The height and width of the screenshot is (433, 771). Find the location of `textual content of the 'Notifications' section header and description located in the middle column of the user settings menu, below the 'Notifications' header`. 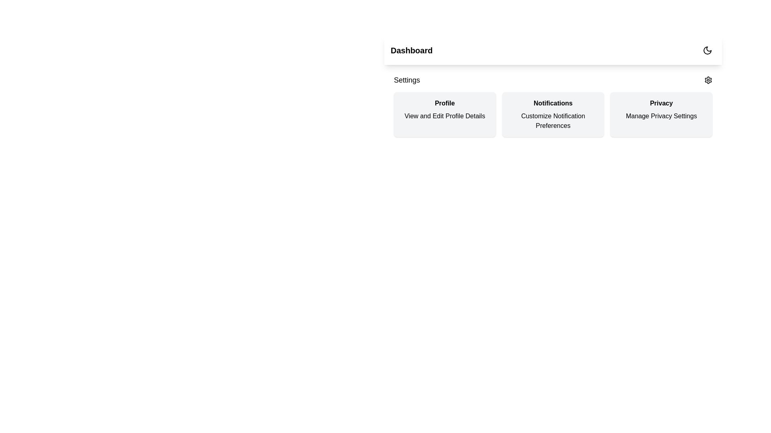

textual content of the 'Notifications' section header and description located in the middle column of the user settings menu, below the 'Notifications' header is located at coordinates (553, 105).